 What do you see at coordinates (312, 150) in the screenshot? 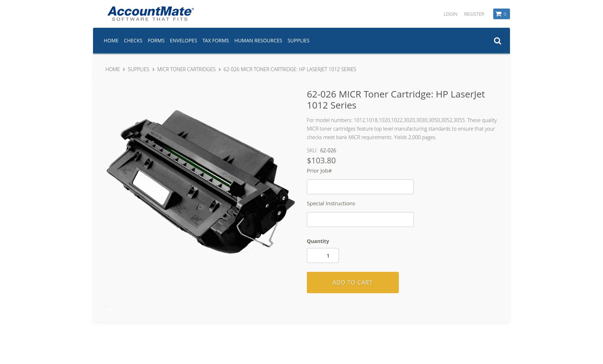
I see `'SKU:'` at bounding box center [312, 150].